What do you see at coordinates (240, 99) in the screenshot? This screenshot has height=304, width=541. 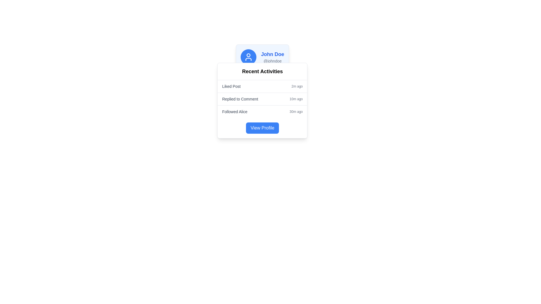 I see `the Static Text Label that indicates a user has replied to a comment, located in the 'Replied to Comment' section, second row from the top, to the left of the timestamp '10m ago'` at bounding box center [240, 99].